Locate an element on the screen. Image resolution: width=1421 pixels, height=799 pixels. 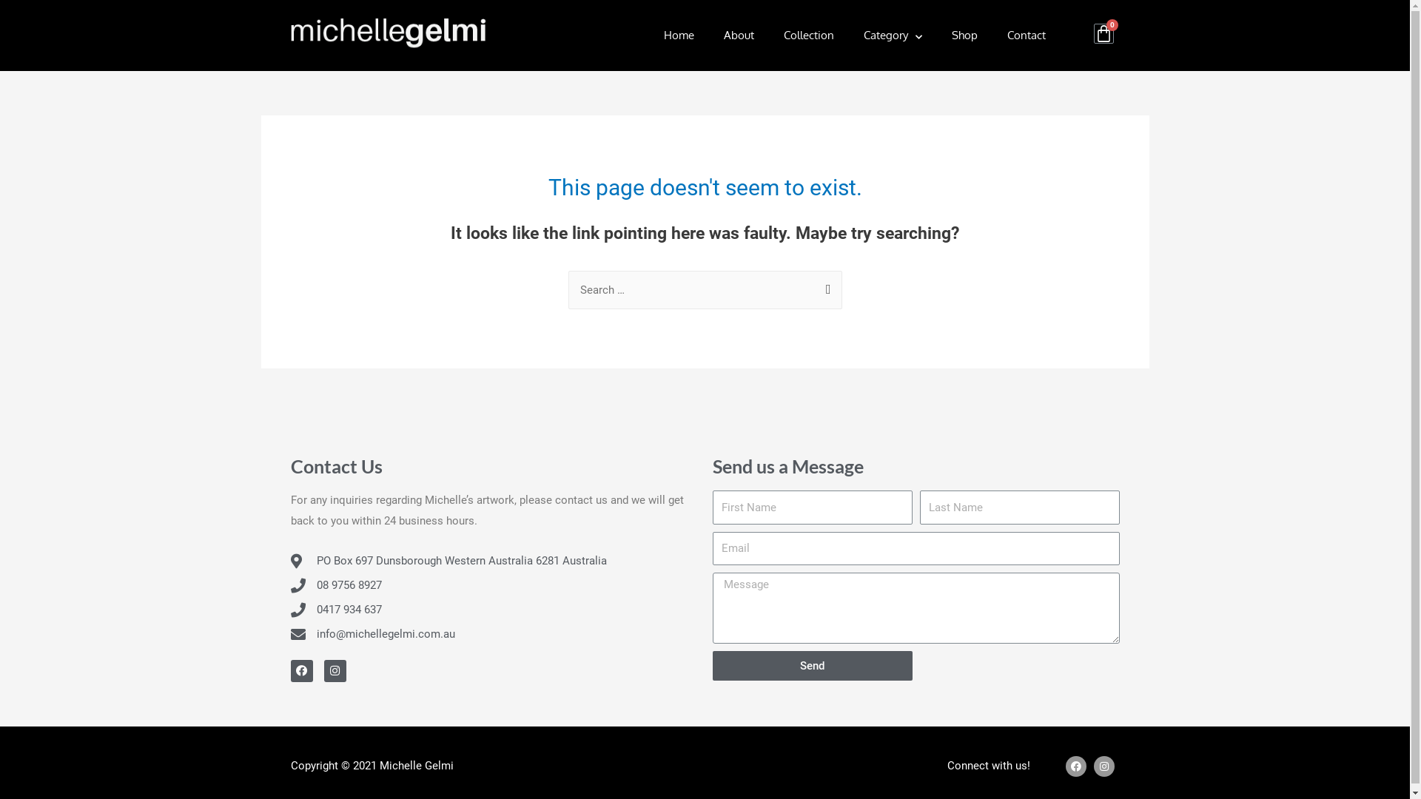
'Collection' is located at coordinates (768, 34).